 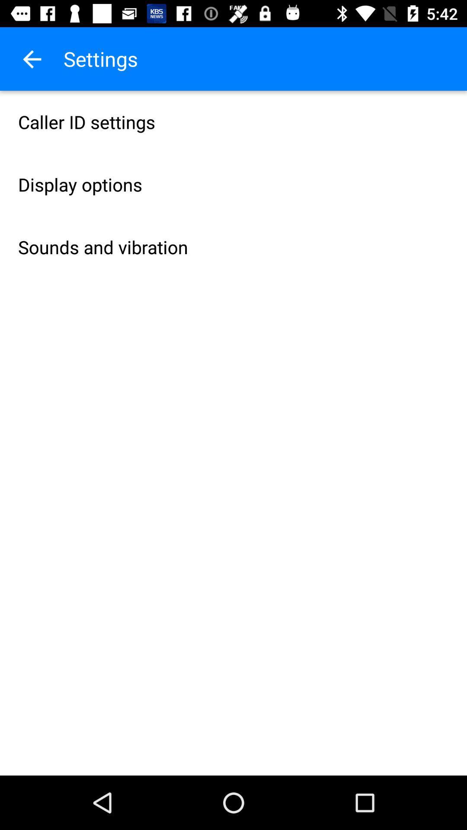 I want to click on icon above sounds and vibration, so click(x=233, y=184).